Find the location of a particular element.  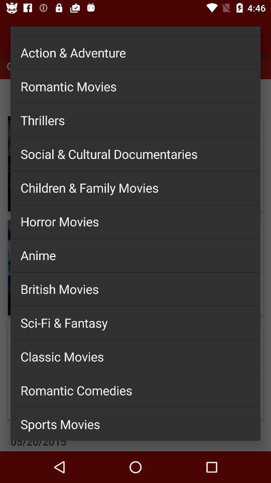

the    romantic comedies is located at coordinates (135, 389).